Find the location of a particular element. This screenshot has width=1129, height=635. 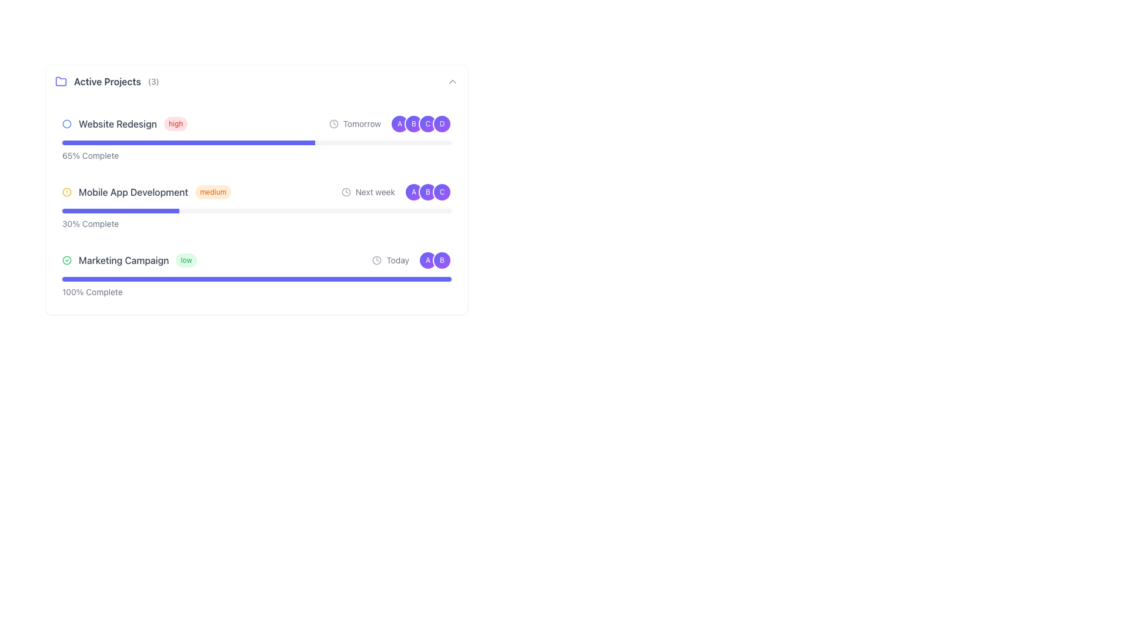

the Label with icon that indicates the deadline for the 'Mobile App Development' project, which shows 'Next week' and is located to the left of the avatar initials (A, B, C) and below the progress bar labeled 'medium' is located at coordinates (368, 192).